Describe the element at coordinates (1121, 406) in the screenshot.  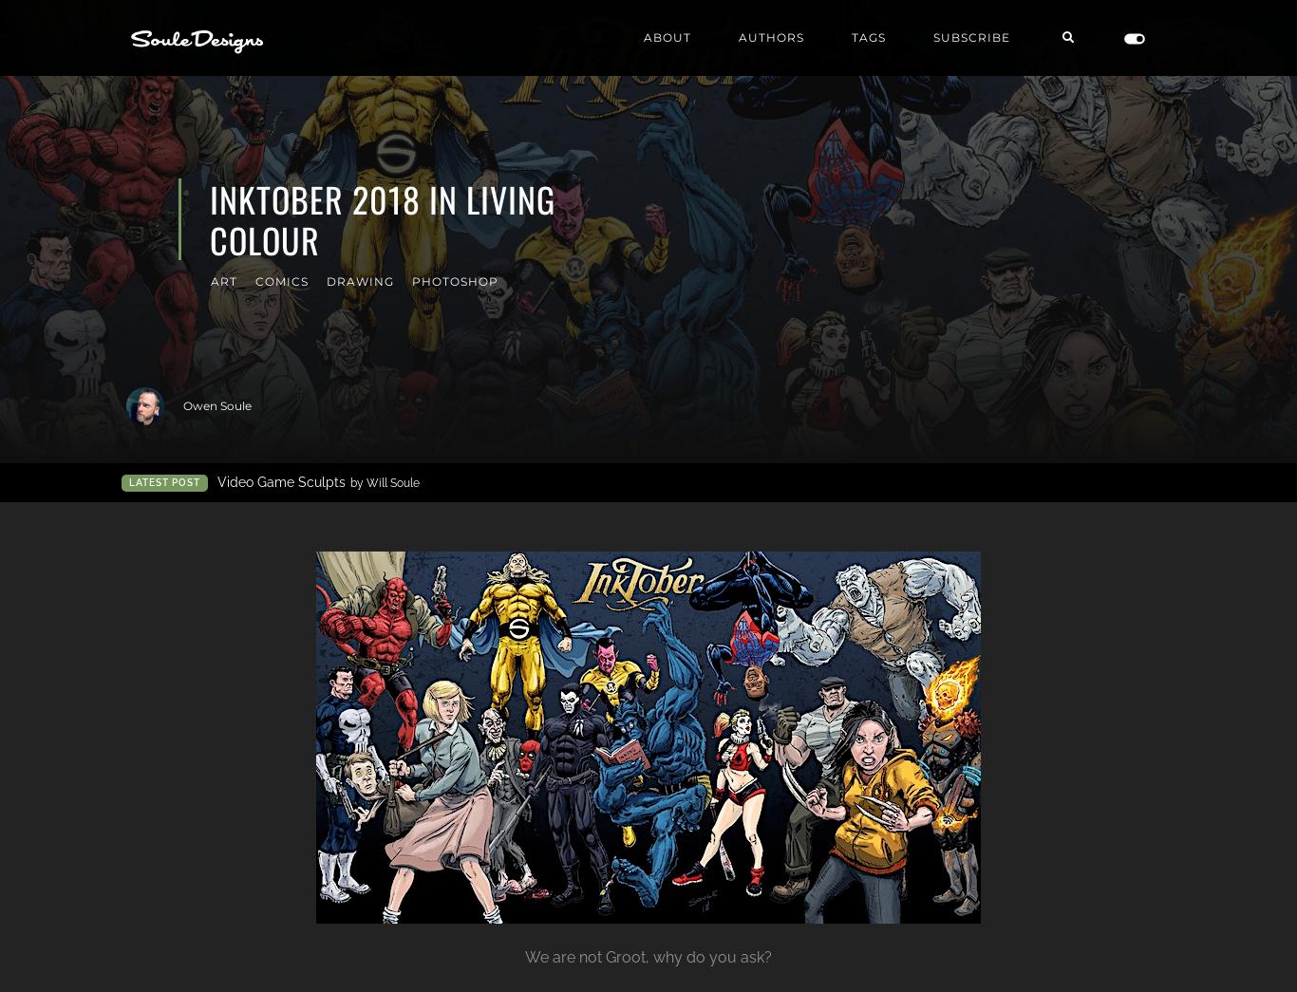
I see `'November 13, 2018'` at that location.